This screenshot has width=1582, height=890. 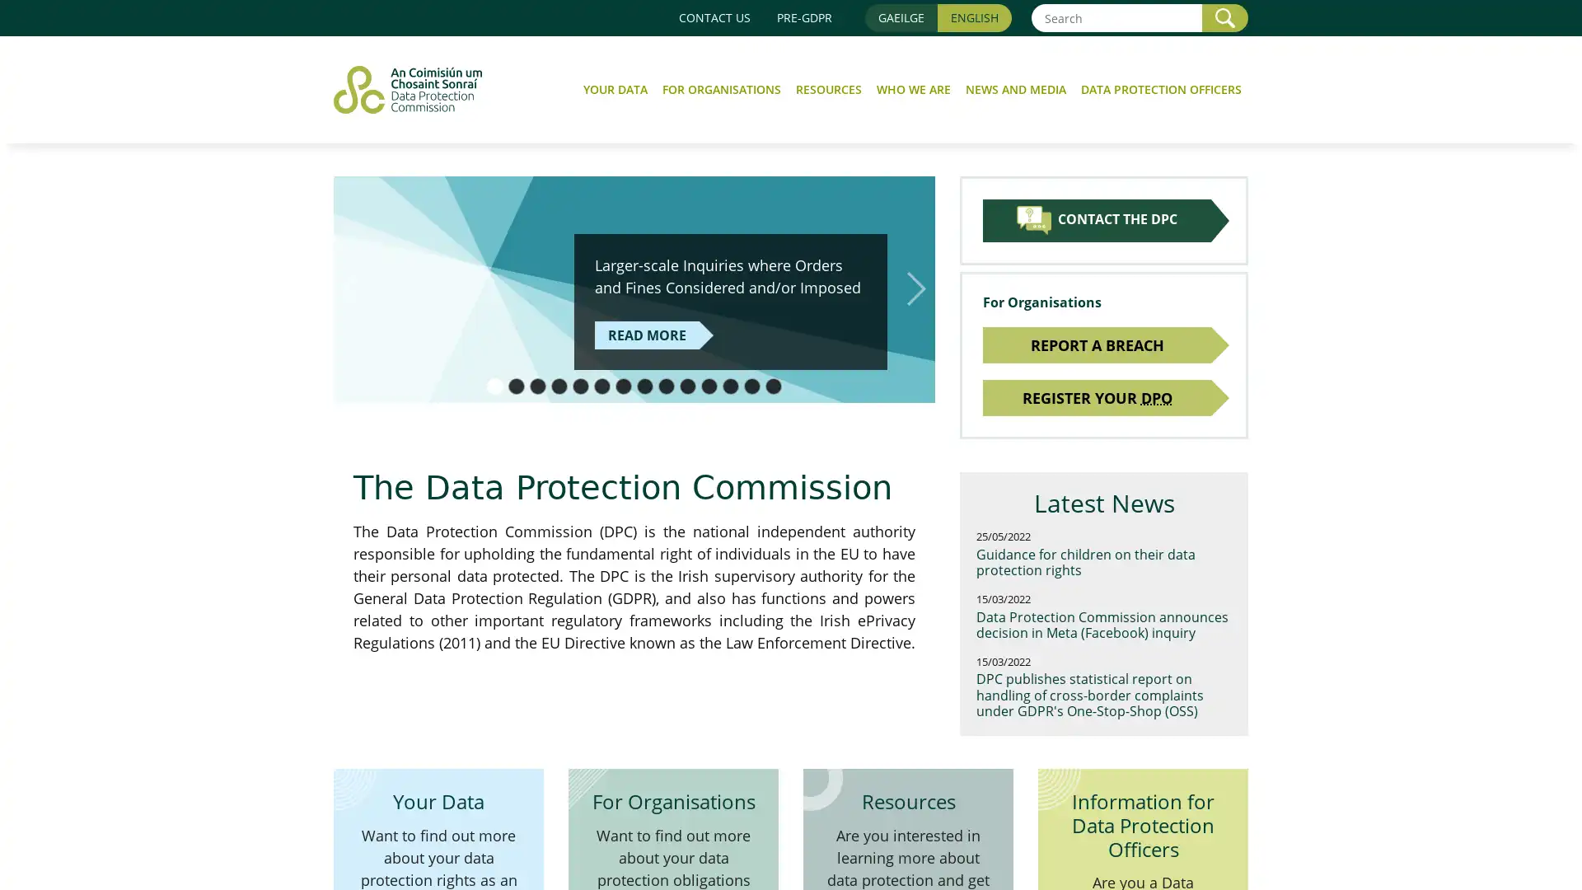 What do you see at coordinates (1225, 17) in the screenshot?
I see `SEARCH` at bounding box center [1225, 17].